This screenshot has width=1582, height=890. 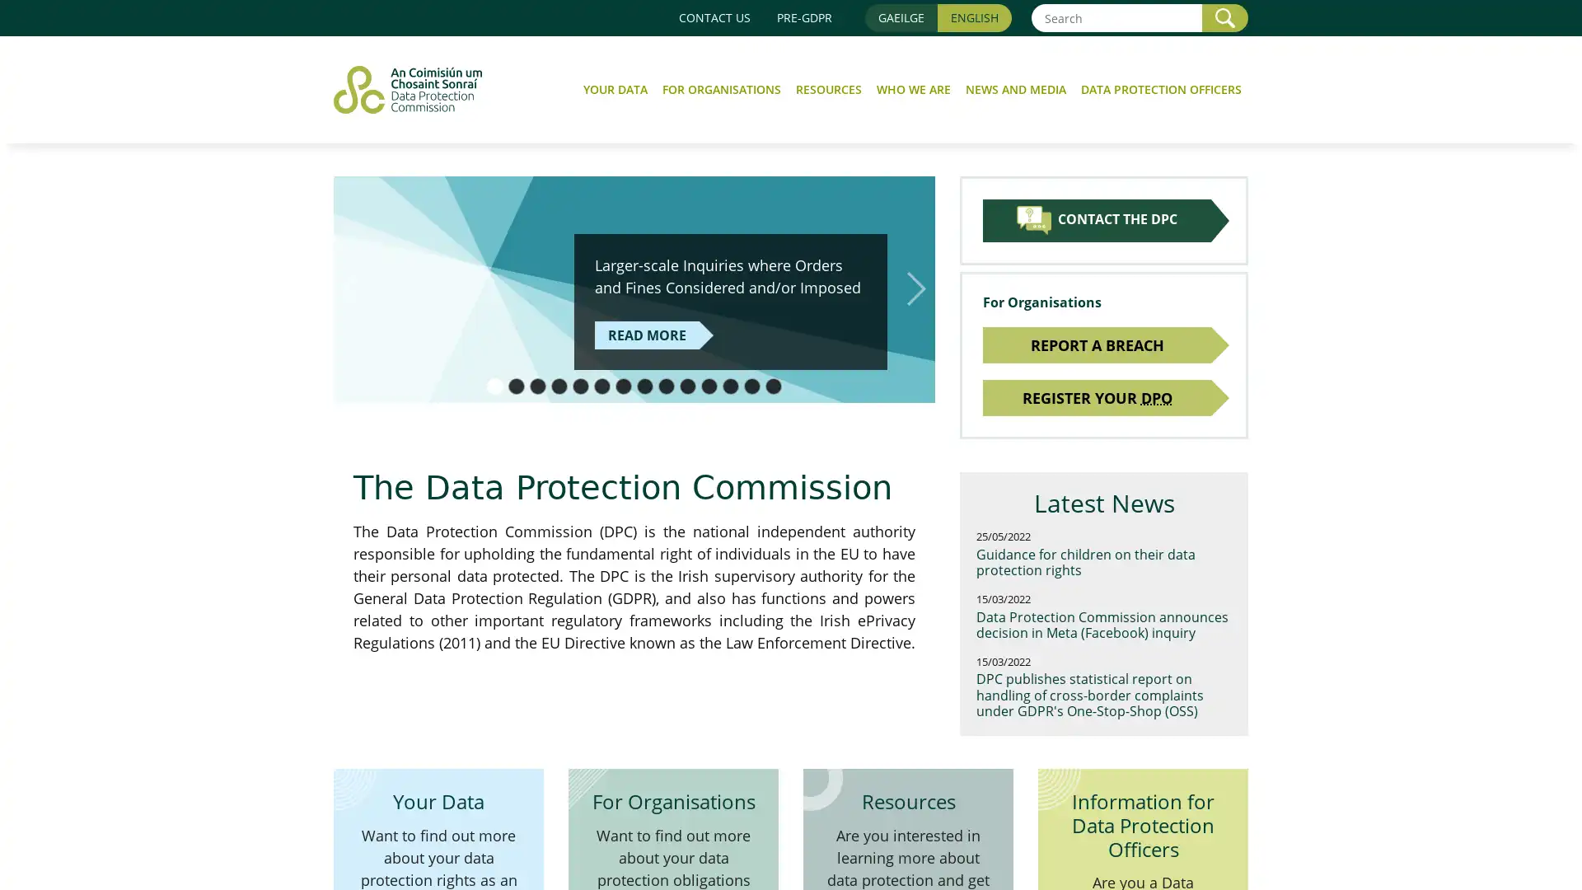 What do you see at coordinates (1225, 17) in the screenshot?
I see `SEARCH` at bounding box center [1225, 17].